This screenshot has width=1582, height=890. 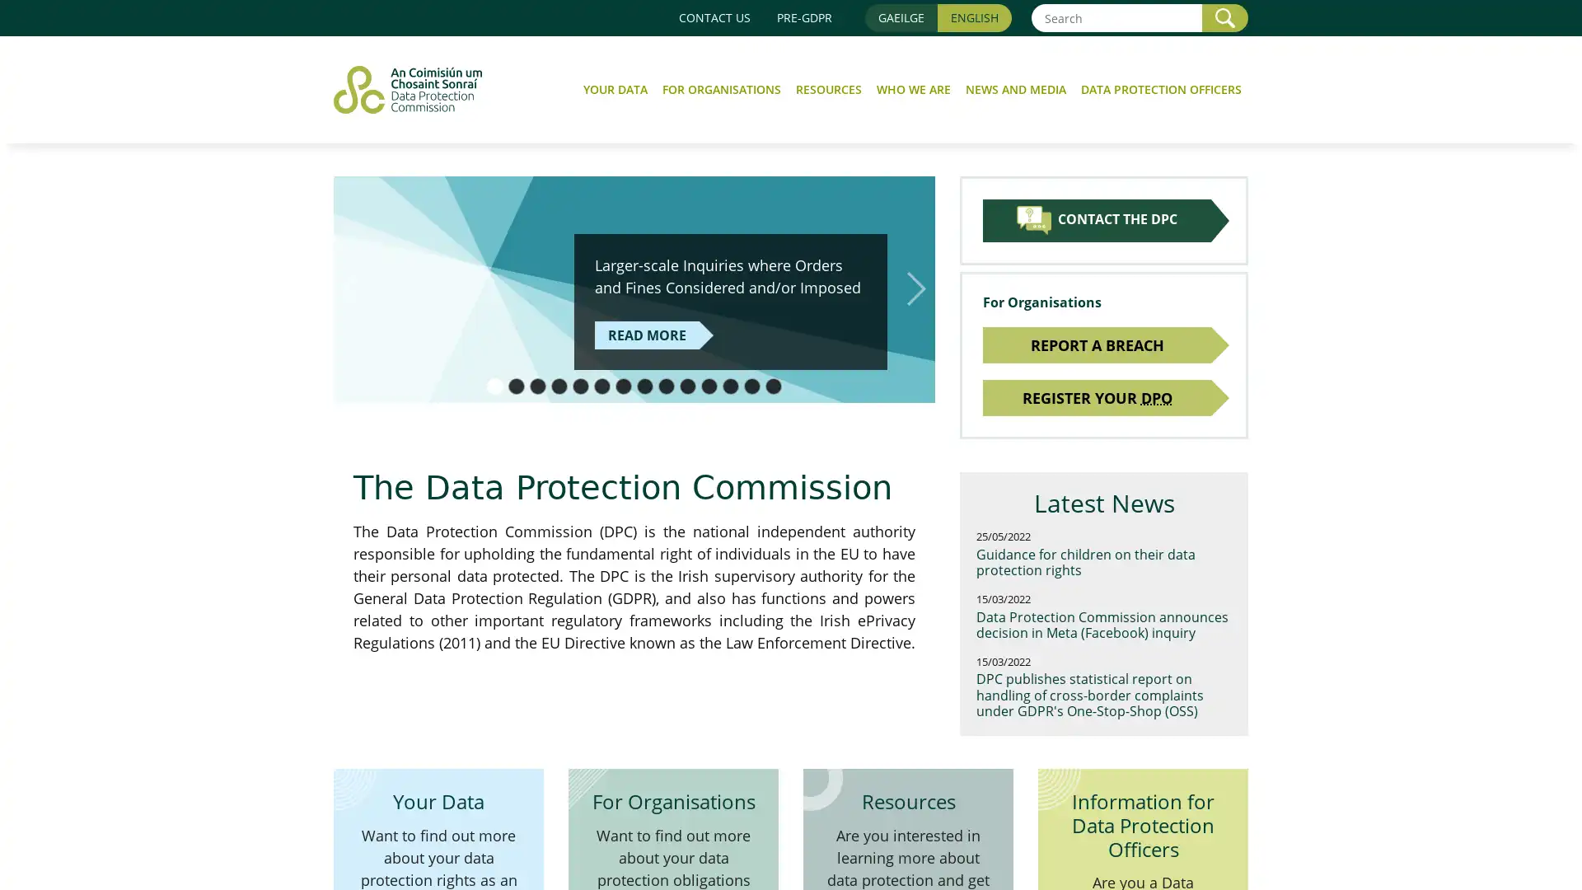 What do you see at coordinates (1225, 17) in the screenshot?
I see `SEARCH` at bounding box center [1225, 17].